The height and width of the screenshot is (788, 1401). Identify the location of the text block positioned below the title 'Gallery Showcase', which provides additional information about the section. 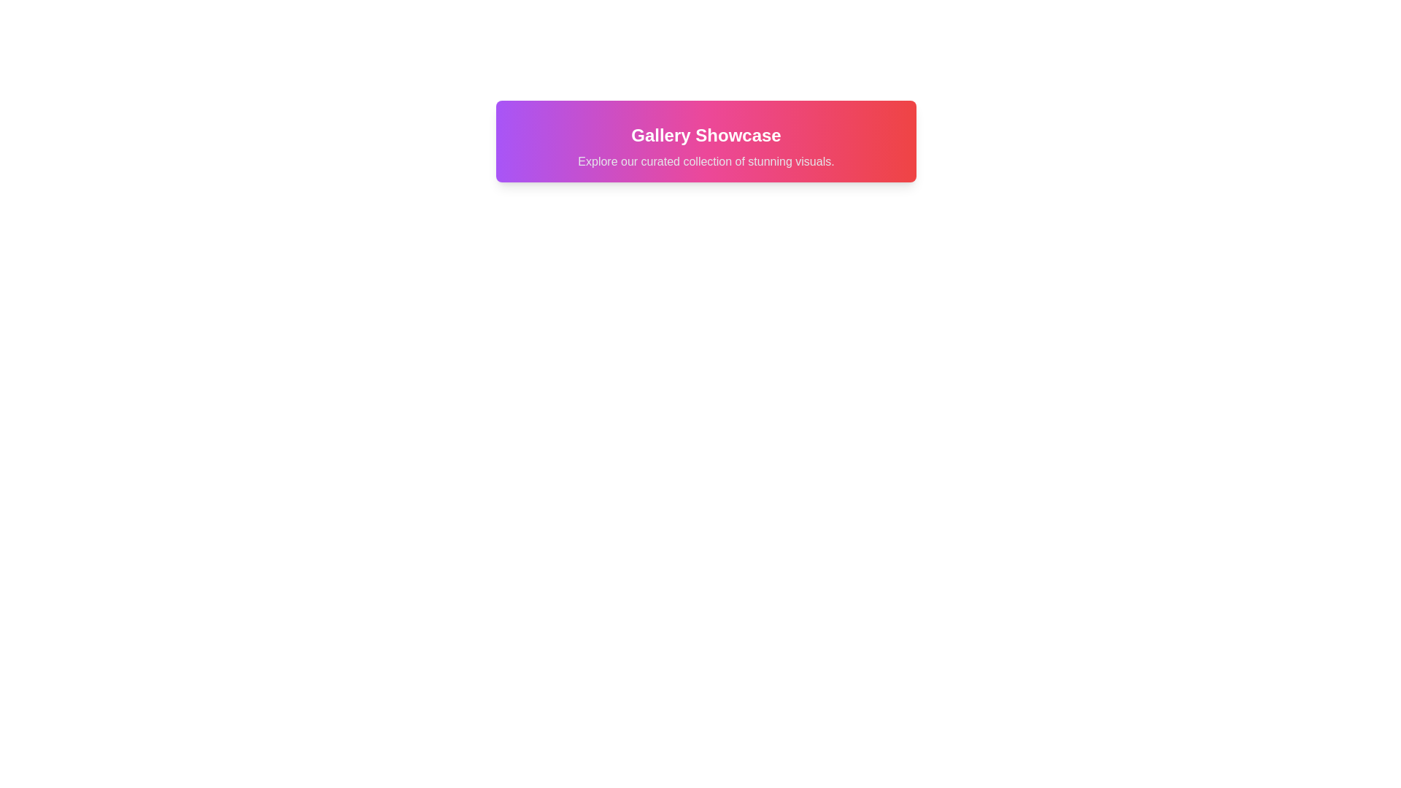
(706, 162).